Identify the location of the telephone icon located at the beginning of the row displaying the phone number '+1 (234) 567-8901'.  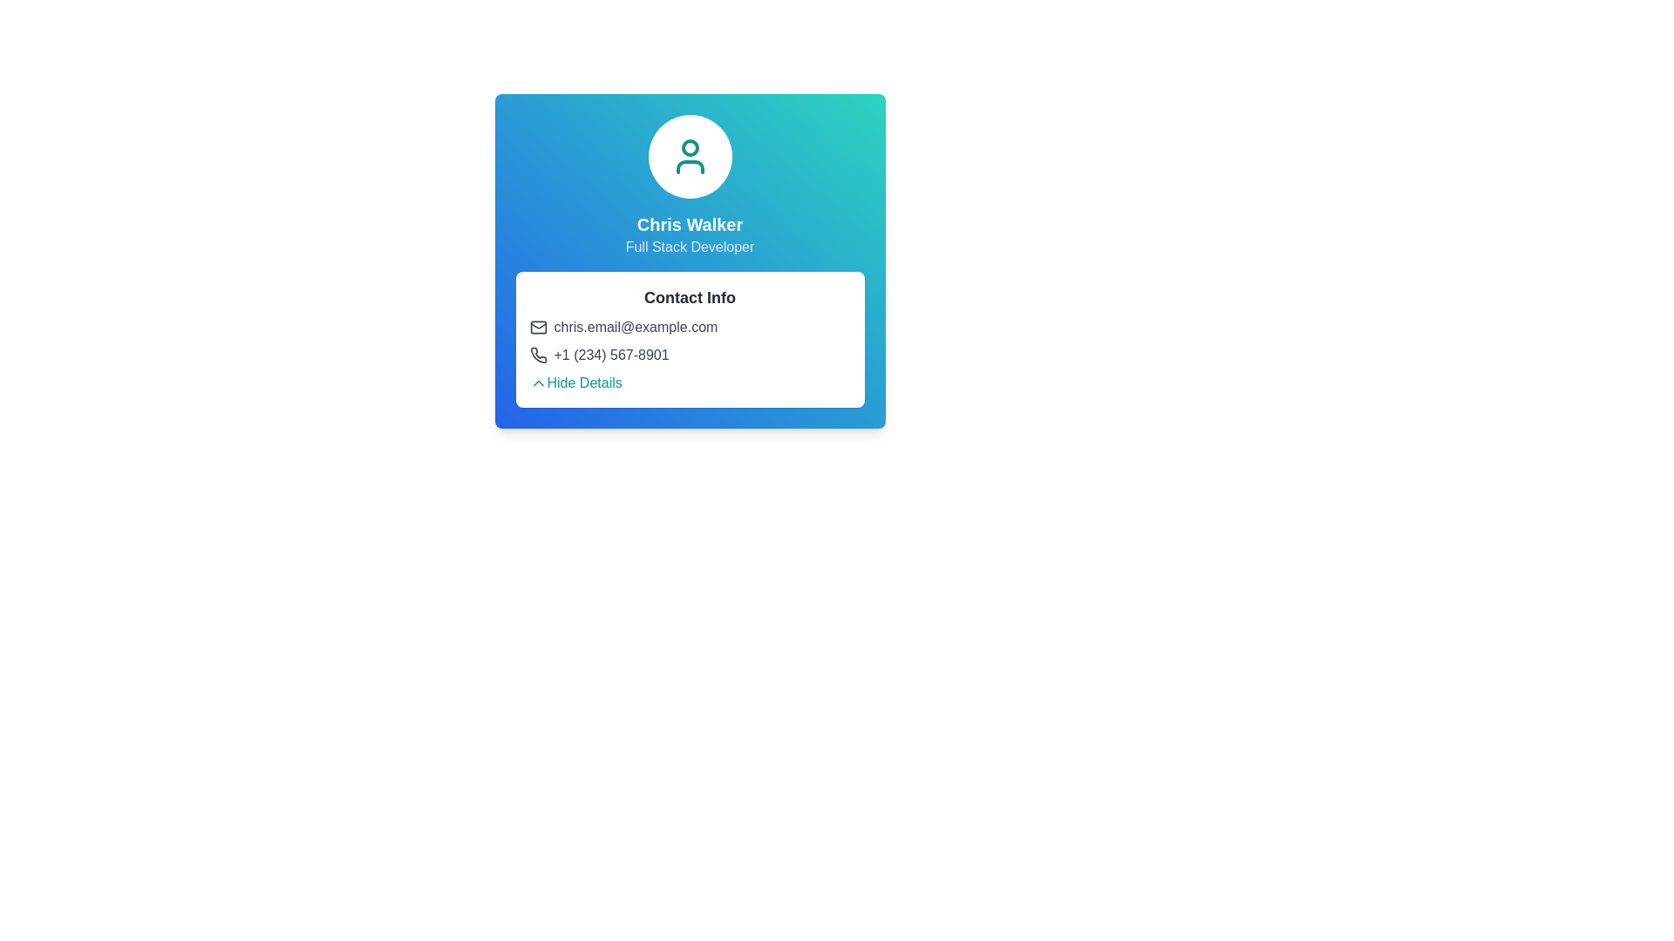
(537, 355).